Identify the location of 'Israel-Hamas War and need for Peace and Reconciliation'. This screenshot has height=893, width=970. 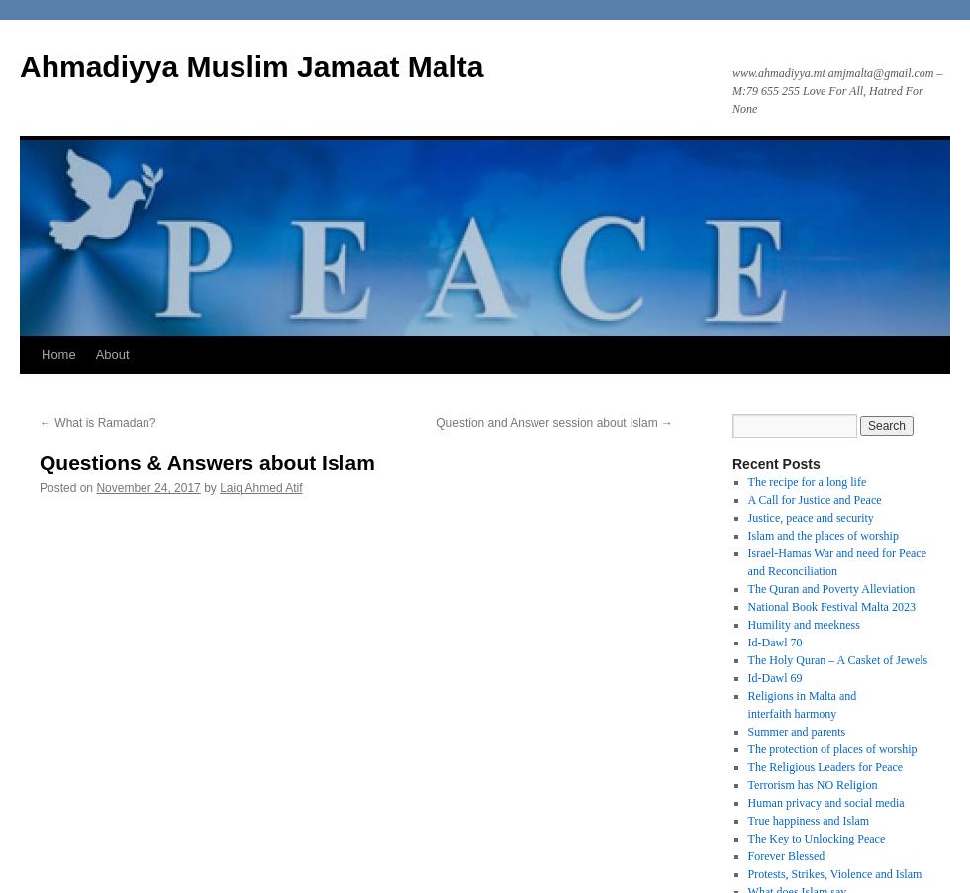
(835, 561).